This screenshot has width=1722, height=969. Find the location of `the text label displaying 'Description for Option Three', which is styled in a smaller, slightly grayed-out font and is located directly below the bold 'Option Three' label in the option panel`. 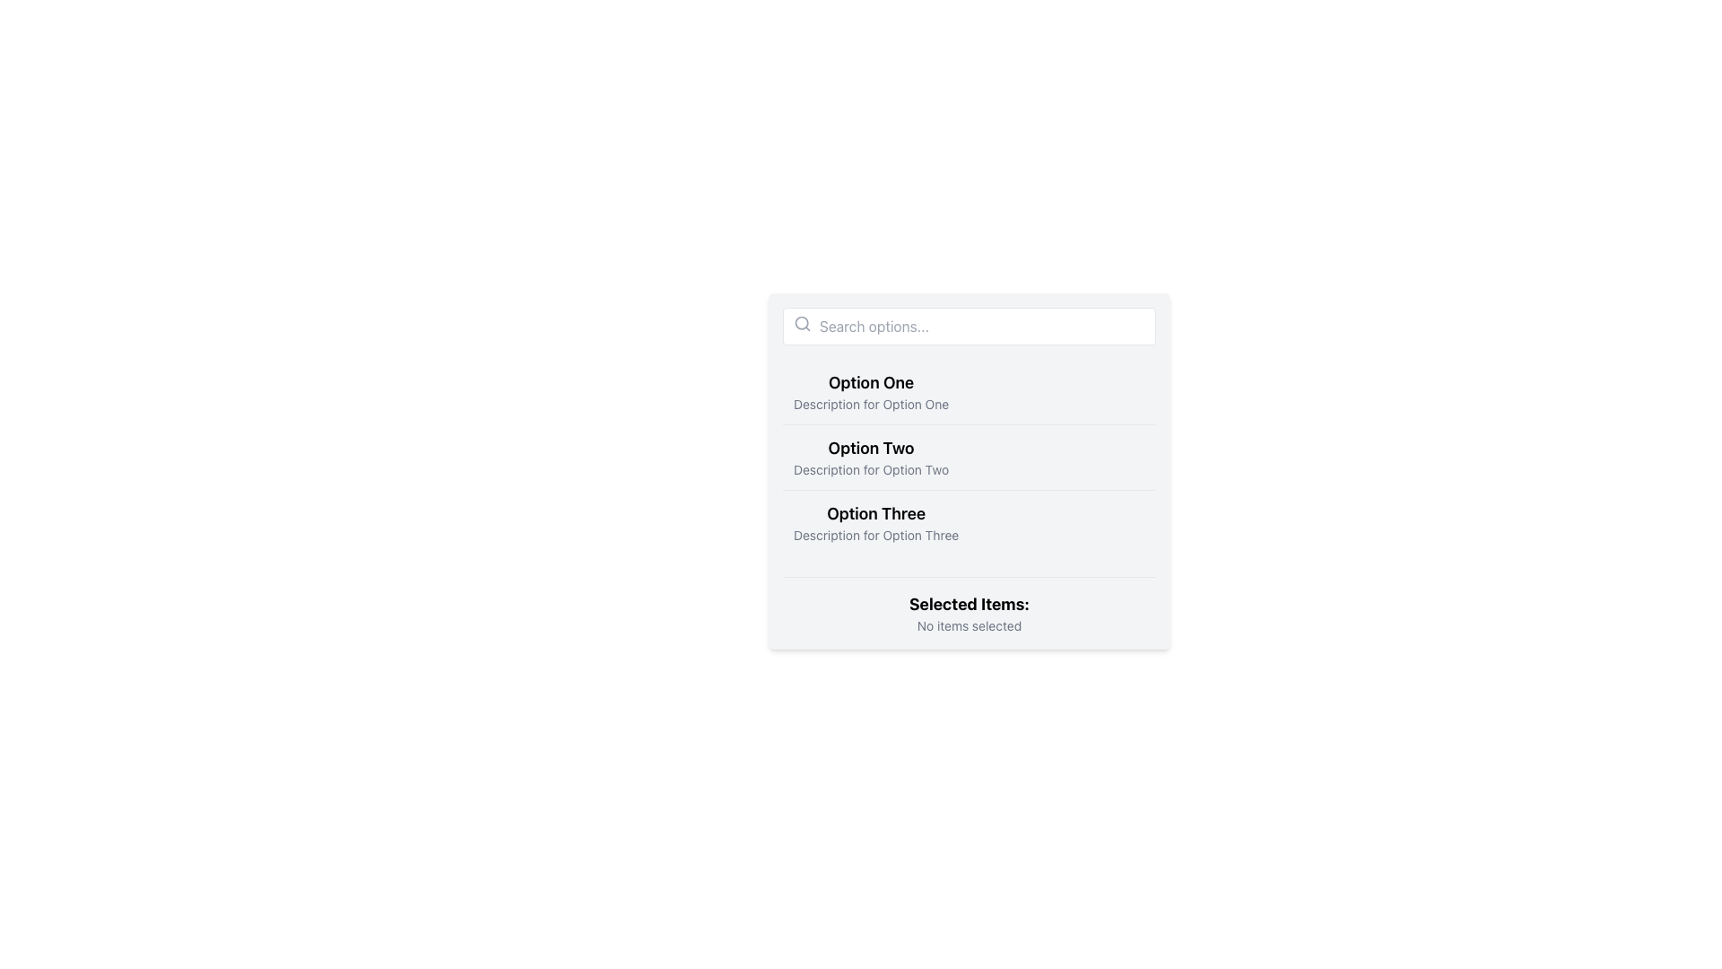

the text label displaying 'Description for Option Three', which is styled in a smaller, slightly grayed-out font and is located directly below the bold 'Option Three' label in the option panel is located at coordinates (876, 535).